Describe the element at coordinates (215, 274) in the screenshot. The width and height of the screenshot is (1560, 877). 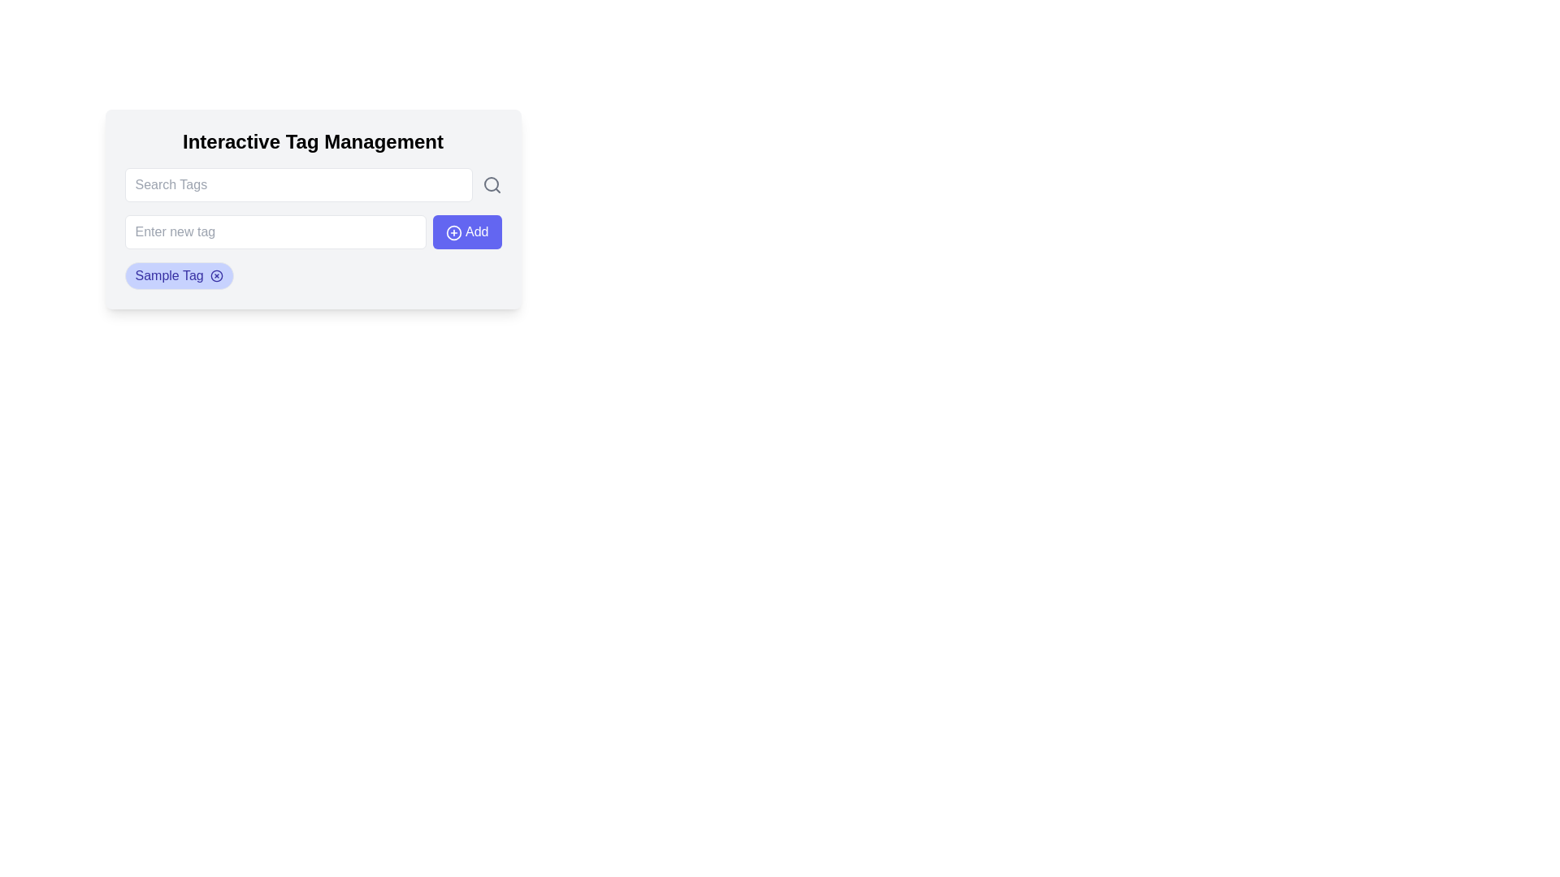
I see `the circular graphical component with a thick border that is part of the close icon within the 'Sample Tag' button located below the tag input field` at that location.